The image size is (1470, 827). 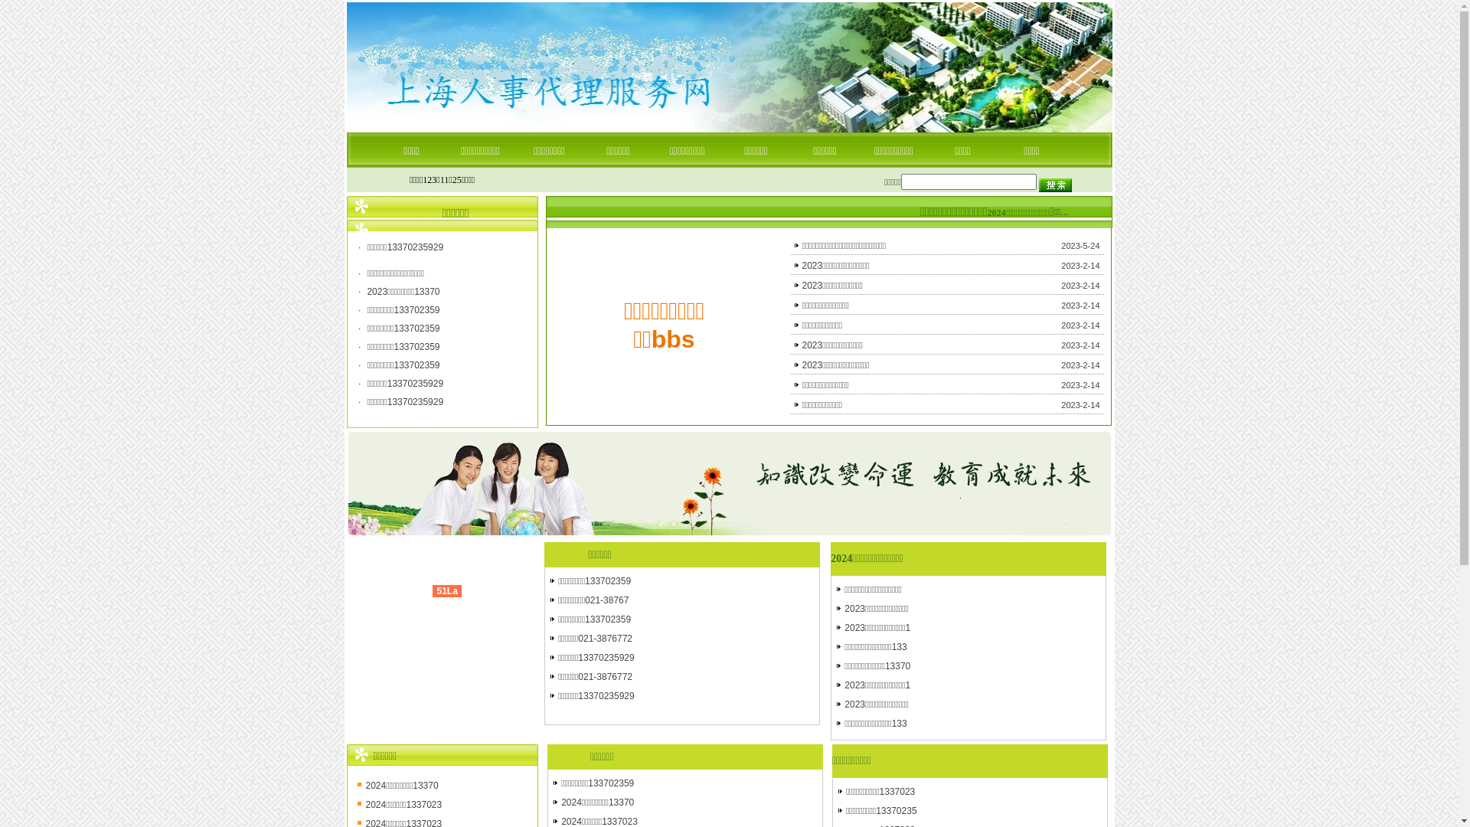 What do you see at coordinates (446, 590) in the screenshot?
I see `'51La'` at bounding box center [446, 590].